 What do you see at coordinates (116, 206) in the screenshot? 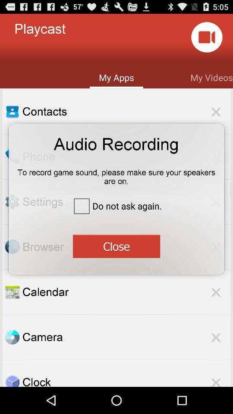
I see `the do not ask` at bounding box center [116, 206].